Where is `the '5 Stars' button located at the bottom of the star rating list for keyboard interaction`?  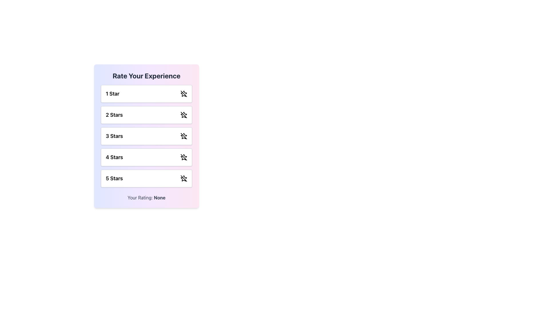
the '5 Stars' button located at the bottom of the star rating list for keyboard interaction is located at coordinates (146, 178).